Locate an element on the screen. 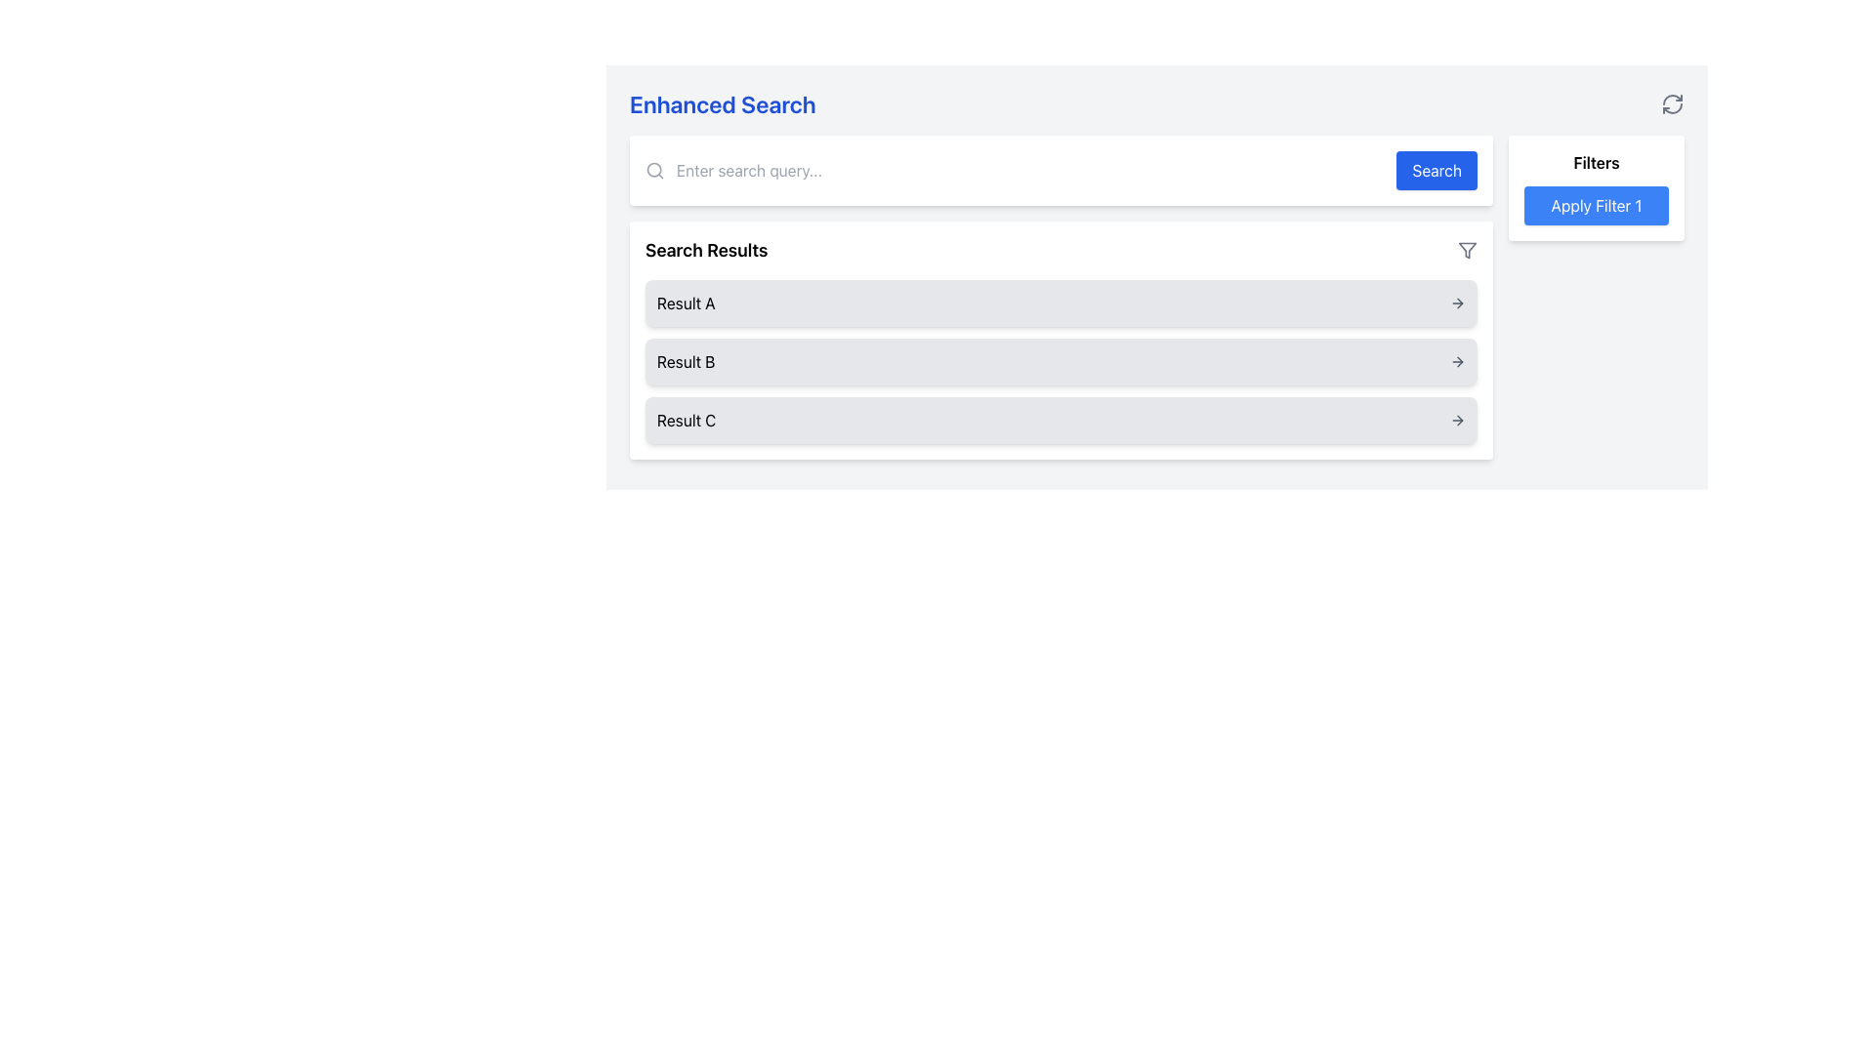  the 'Result C' text label, which is the first text item in the clickable card that is the third entry in the search results under the 'Search Results' heading is located at coordinates (687, 420).